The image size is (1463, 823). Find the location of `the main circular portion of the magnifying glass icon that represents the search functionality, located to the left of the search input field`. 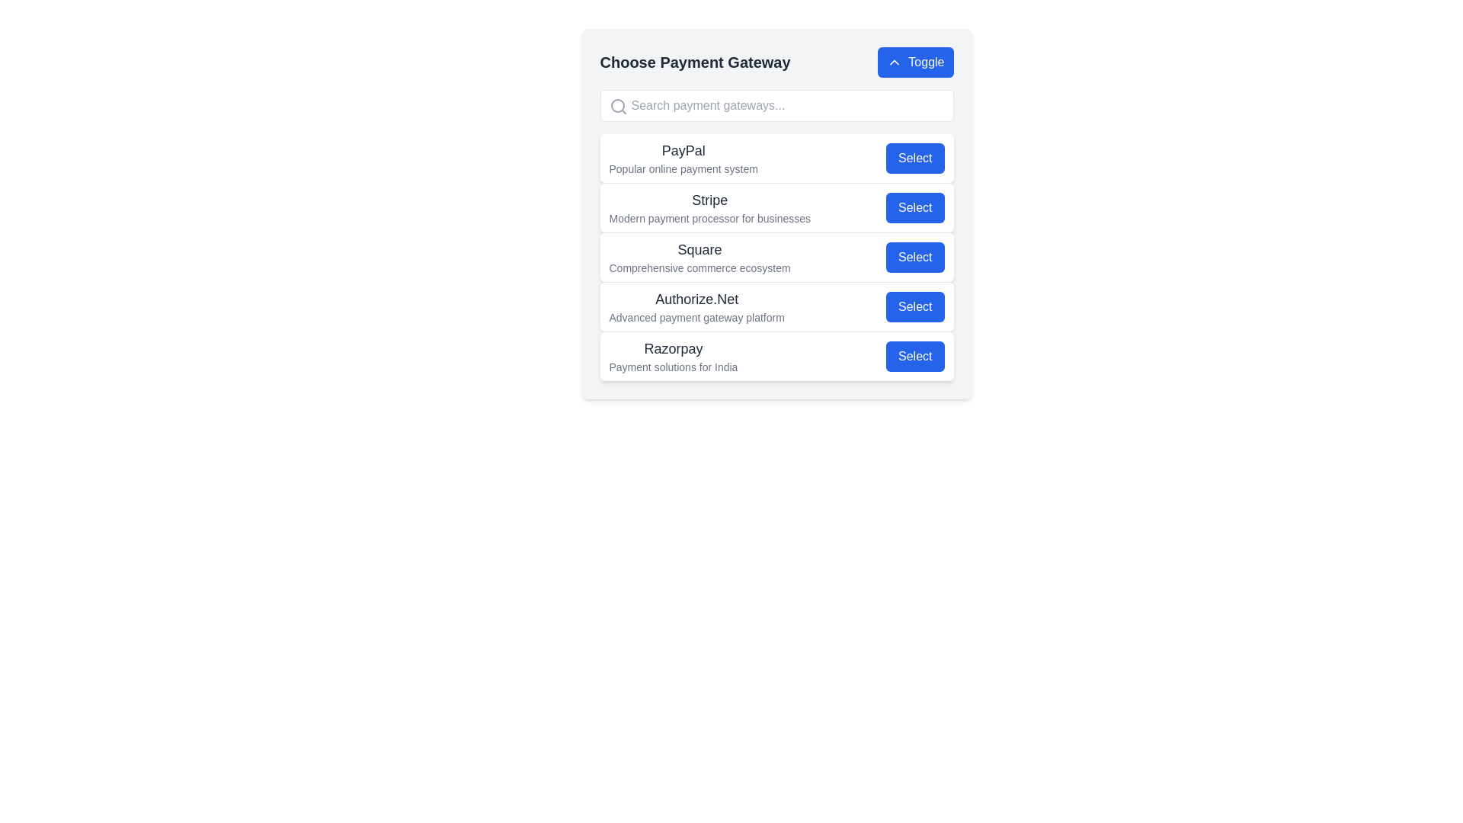

the main circular portion of the magnifying glass icon that represents the search functionality, located to the left of the search input field is located at coordinates (617, 104).